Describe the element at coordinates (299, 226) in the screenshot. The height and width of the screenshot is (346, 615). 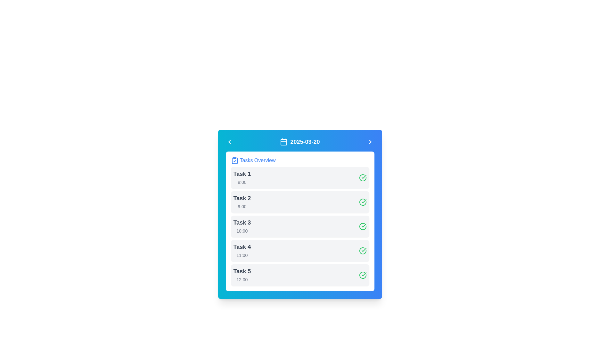
I see `the list item labeled 'Task 3' in the task management interface` at that location.